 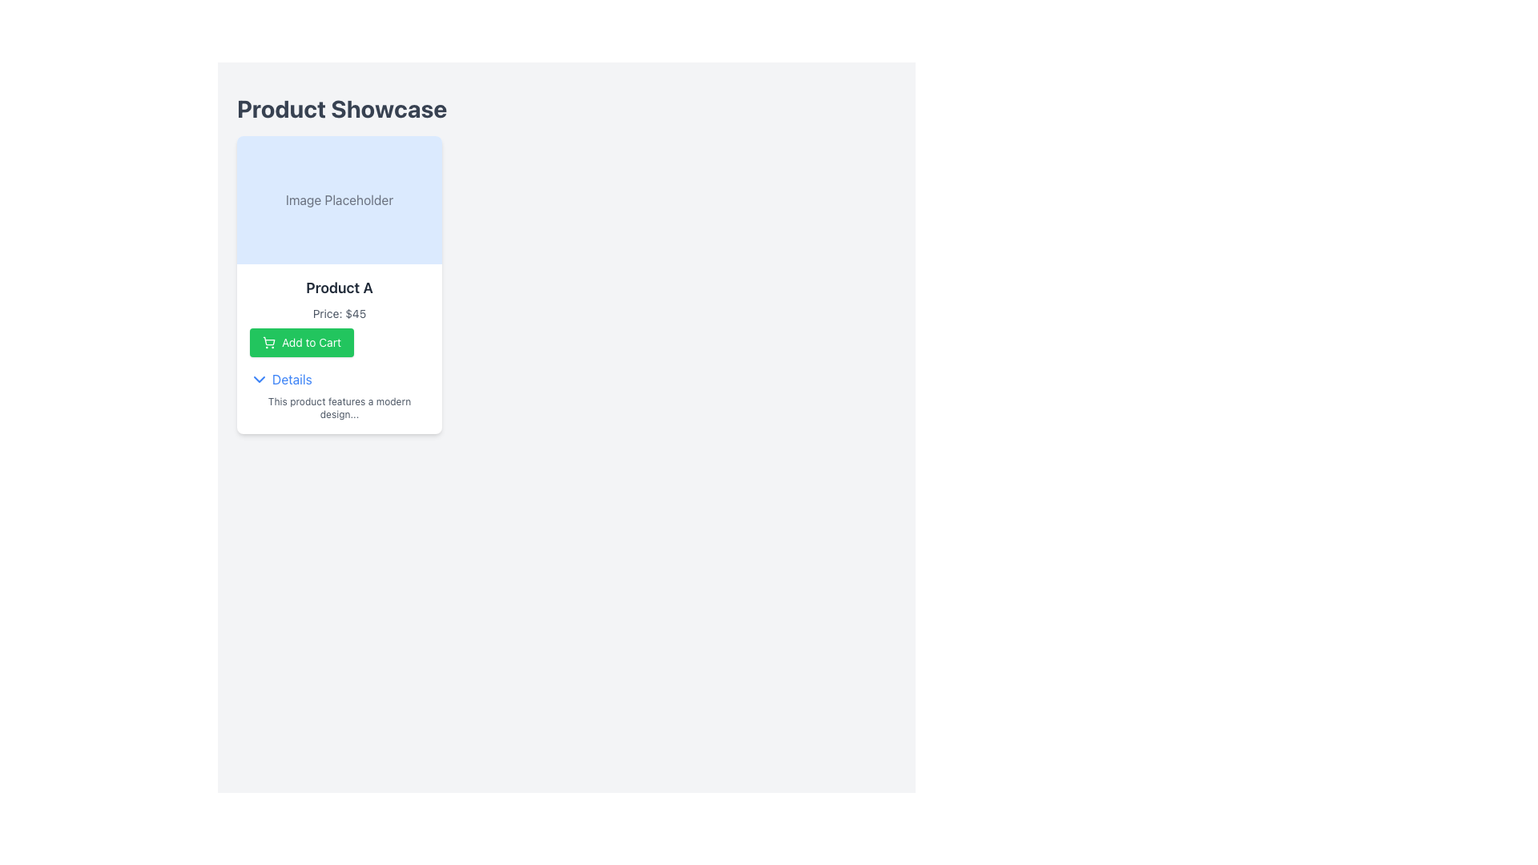 What do you see at coordinates (269, 342) in the screenshot?
I see `the 'Add to Cart' icon located to the left of the 'Add to Cart' button beneath 'Product A' description and price label` at bounding box center [269, 342].